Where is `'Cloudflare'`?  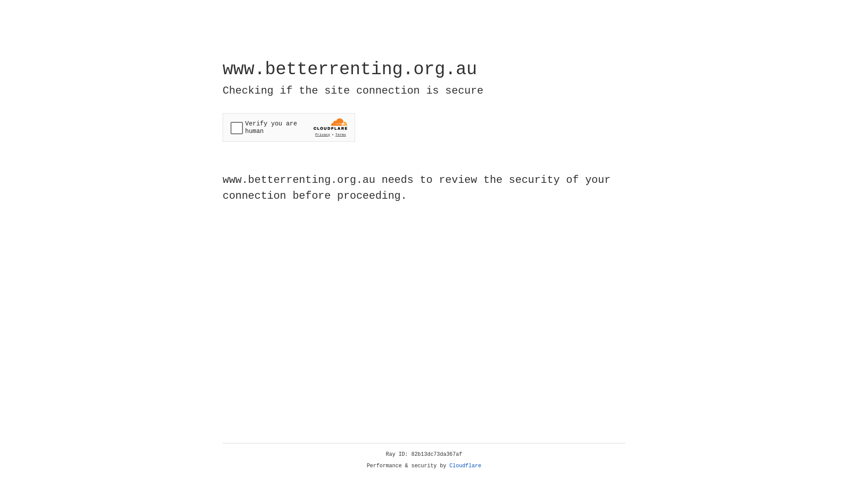
'Cloudflare' is located at coordinates (449, 466).